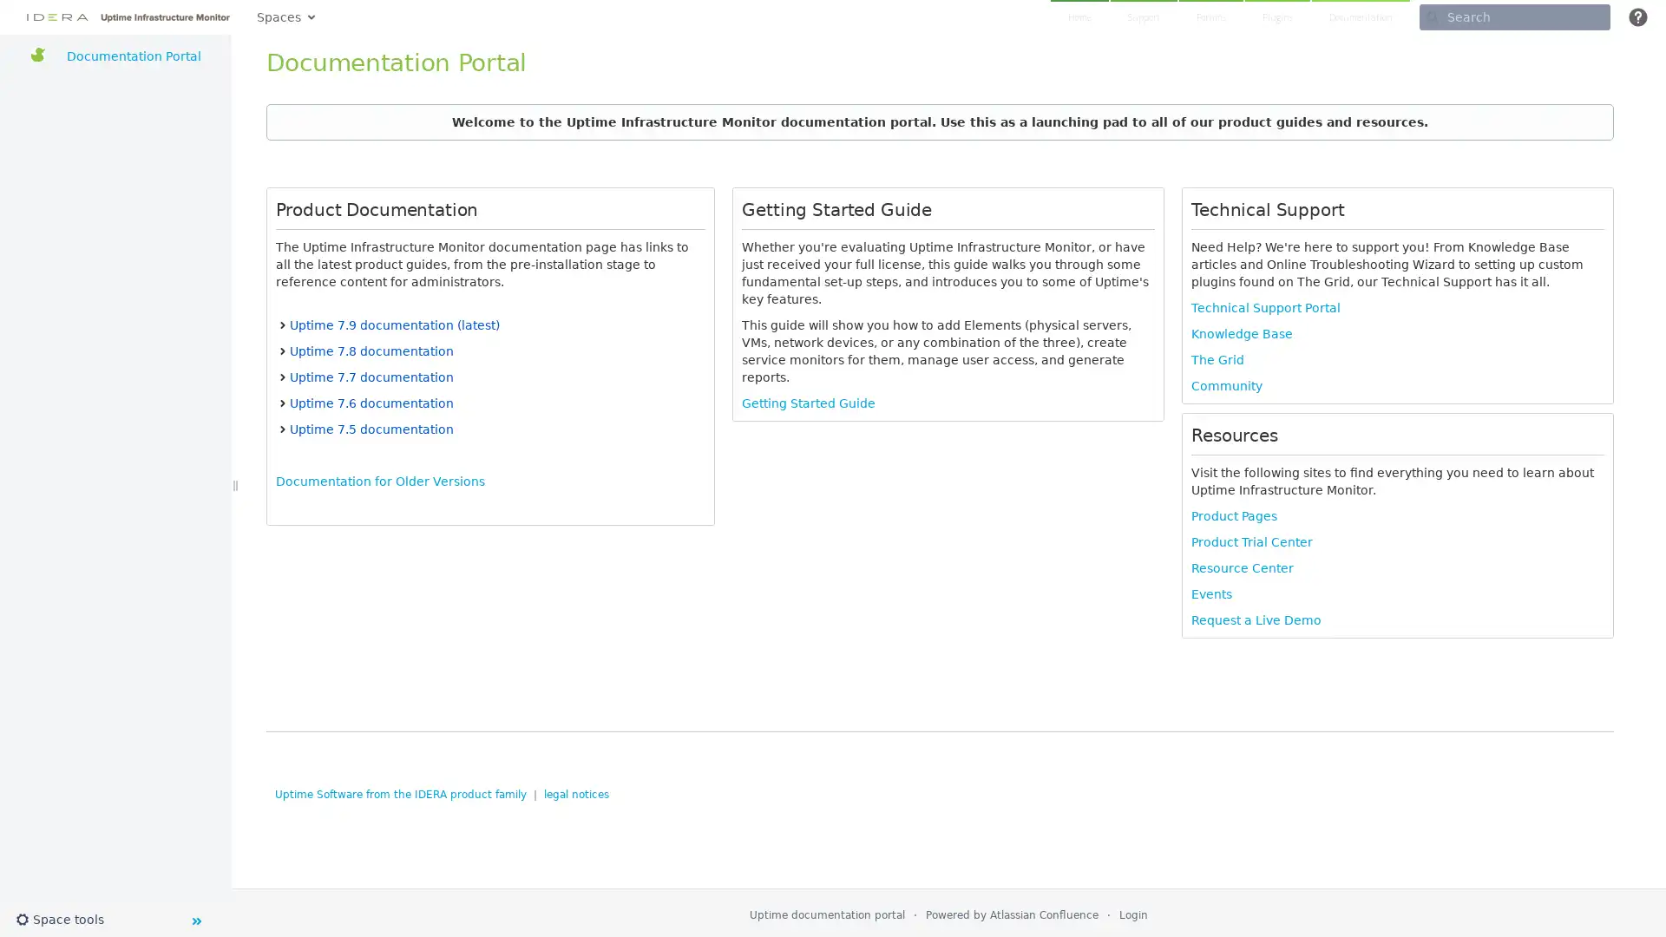 The image size is (1666, 937). I want to click on Collapse sidebar ( [ ), so click(195, 920).